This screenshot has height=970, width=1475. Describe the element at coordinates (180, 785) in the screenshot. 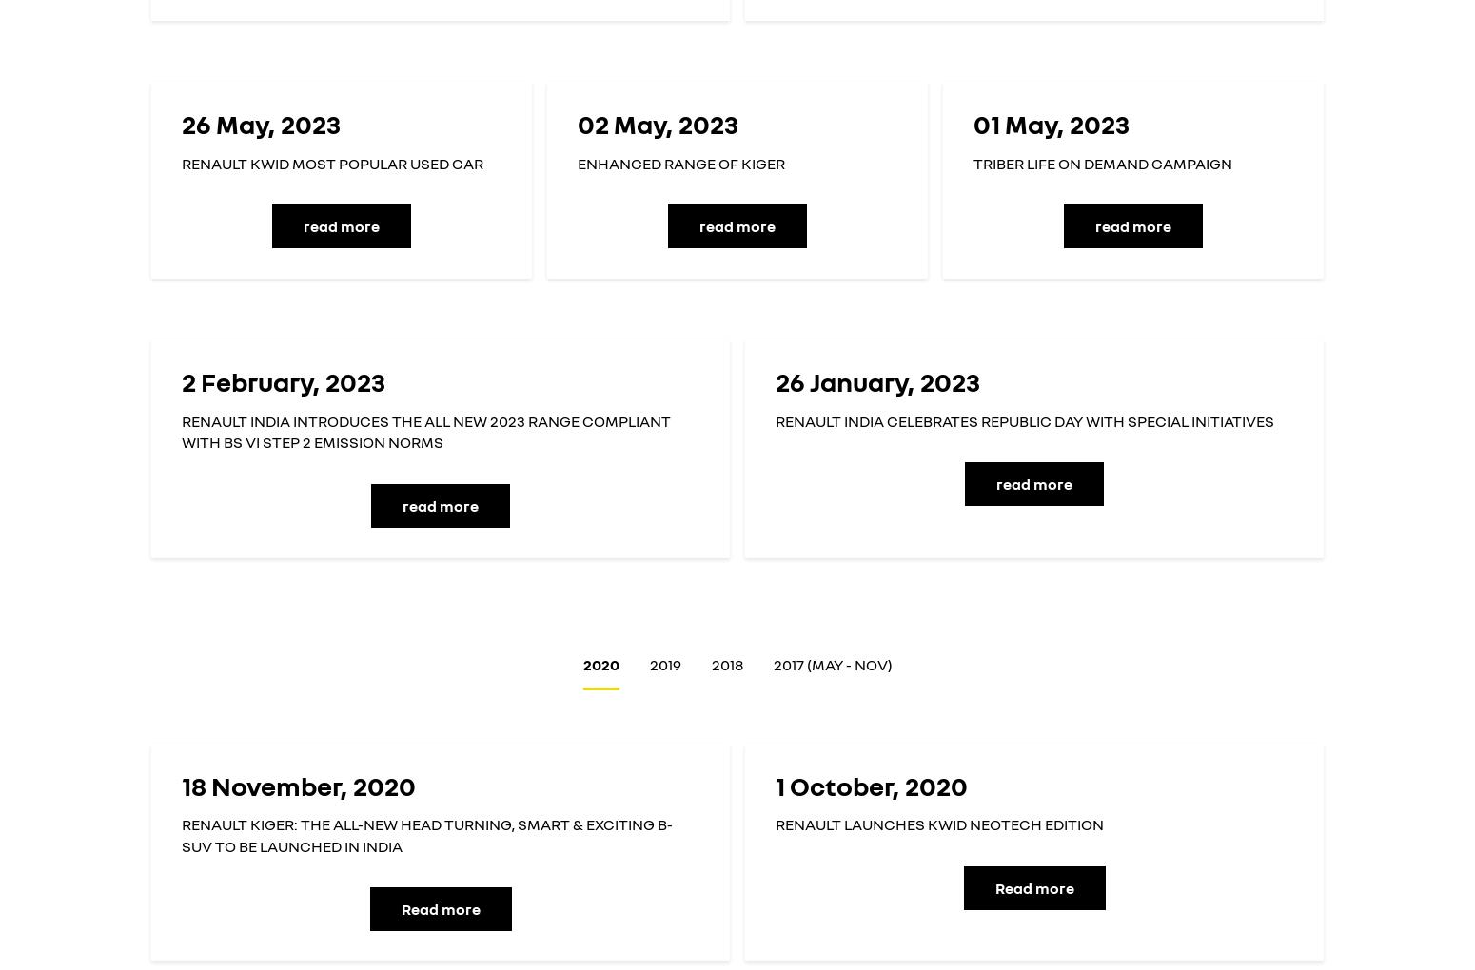

I see `'18 November, 2020'` at that location.